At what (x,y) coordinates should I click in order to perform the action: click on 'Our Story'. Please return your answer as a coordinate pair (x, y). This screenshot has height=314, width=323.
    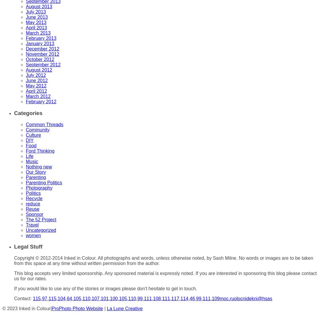
    Looking at the image, I should click on (36, 171).